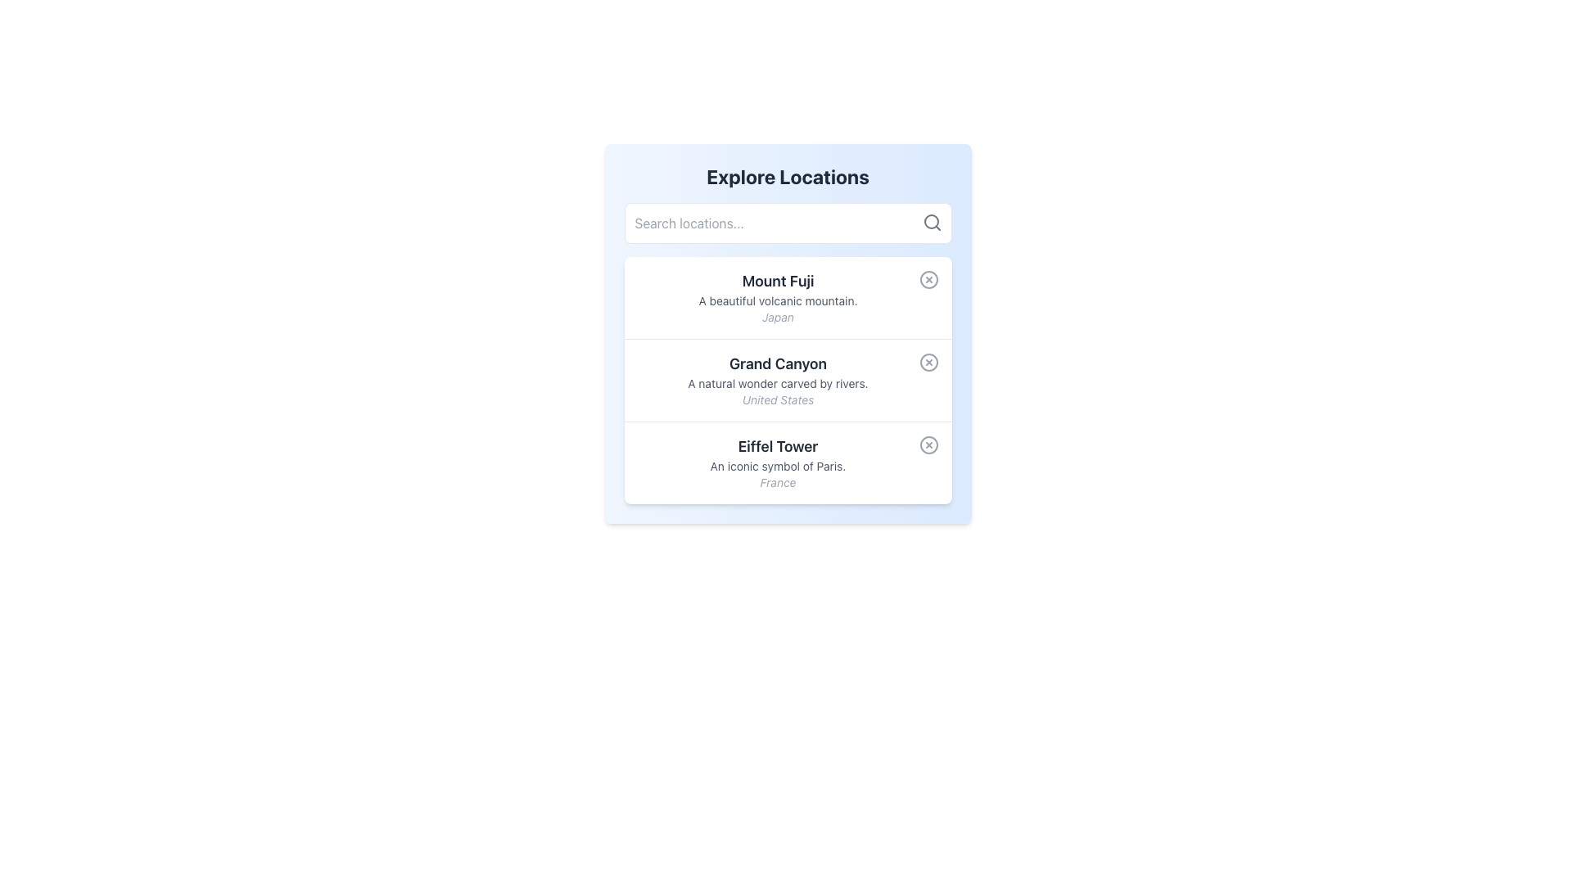 This screenshot has height=884, width=1572. I want to click on the descriptive card for 'Grand Canyon' located in the 'Explore Locations' panel, which is the second item in a vertical list, so click(777, 381).